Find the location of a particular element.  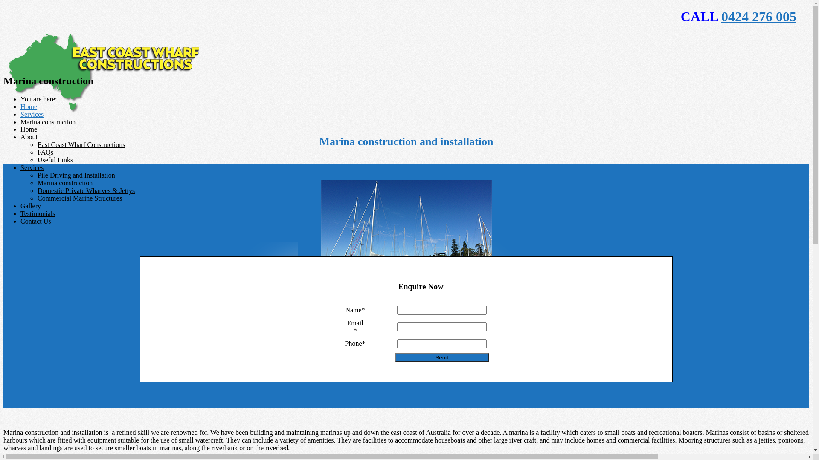

'Useful Links' is located at coordinates (55, 160).